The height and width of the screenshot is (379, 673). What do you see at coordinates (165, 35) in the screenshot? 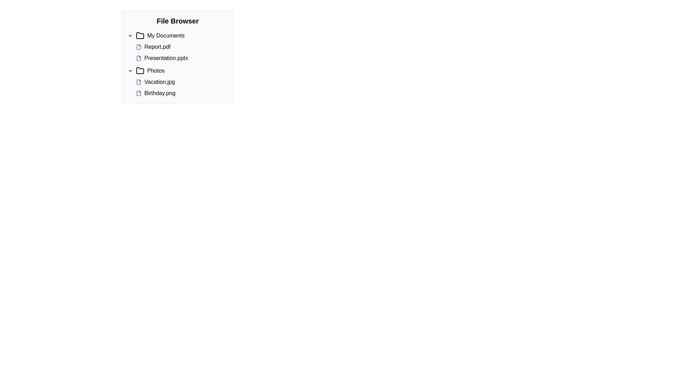
I see `text label that identifies the 'My Documents' folder, located within the folder tree structure of the file browser interface` at bounding box center [165, 35].